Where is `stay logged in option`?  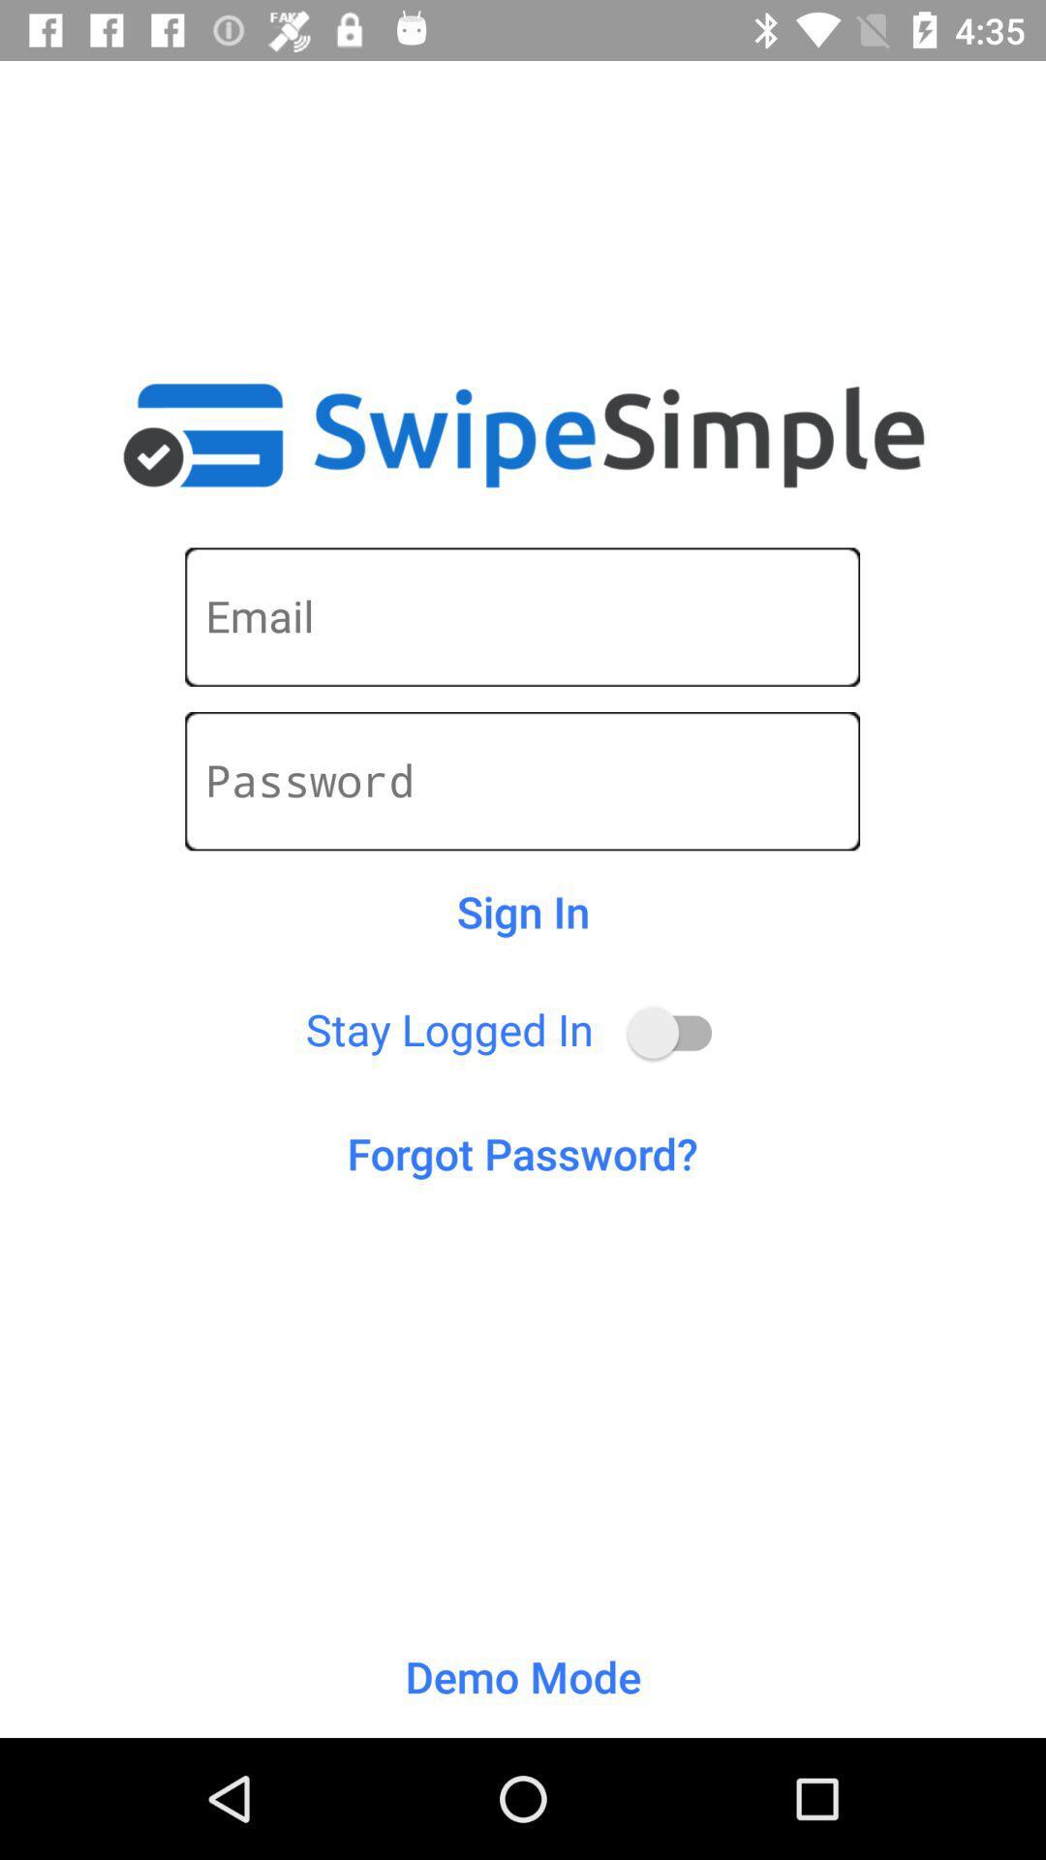
stay logged in option is located at coordinates (678, 1032).